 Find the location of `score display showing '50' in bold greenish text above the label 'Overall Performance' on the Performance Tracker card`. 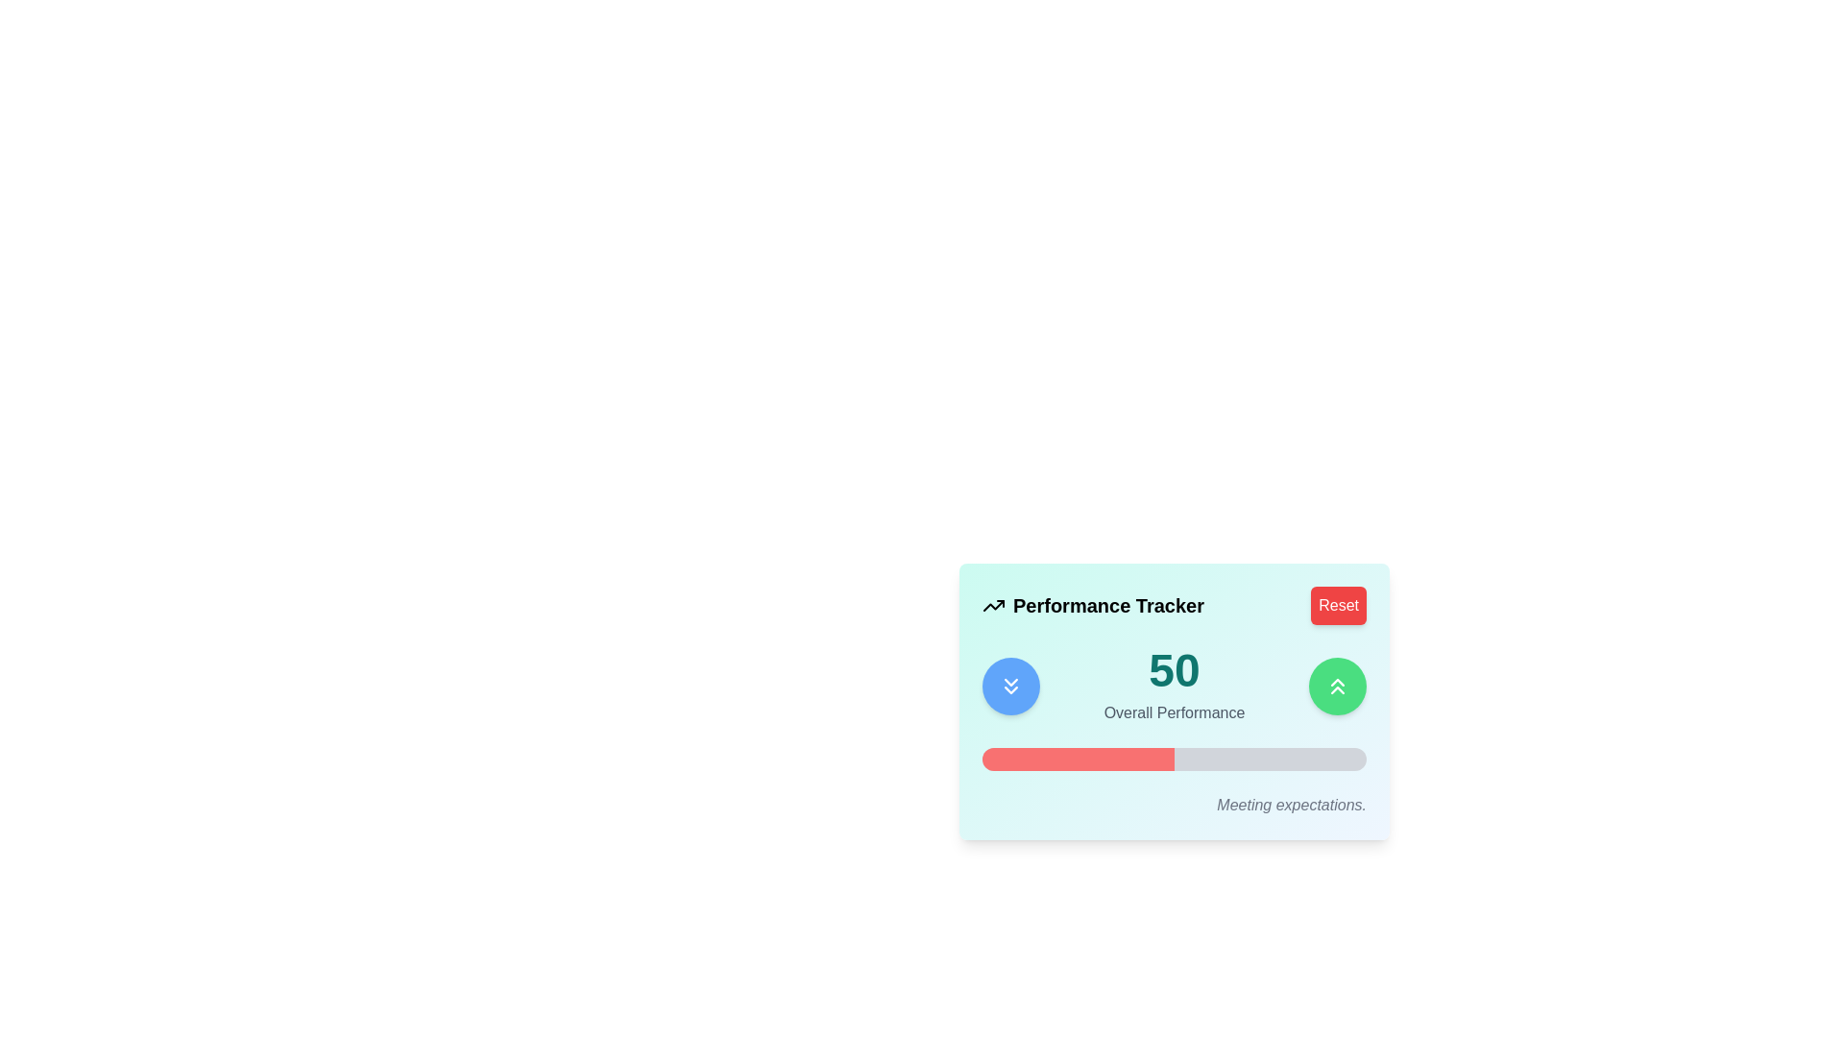

score display showing '50' in bold greenish text above the label 'Overall Performance' on the Performance Tracker card is located at coordinates (1174, 685).